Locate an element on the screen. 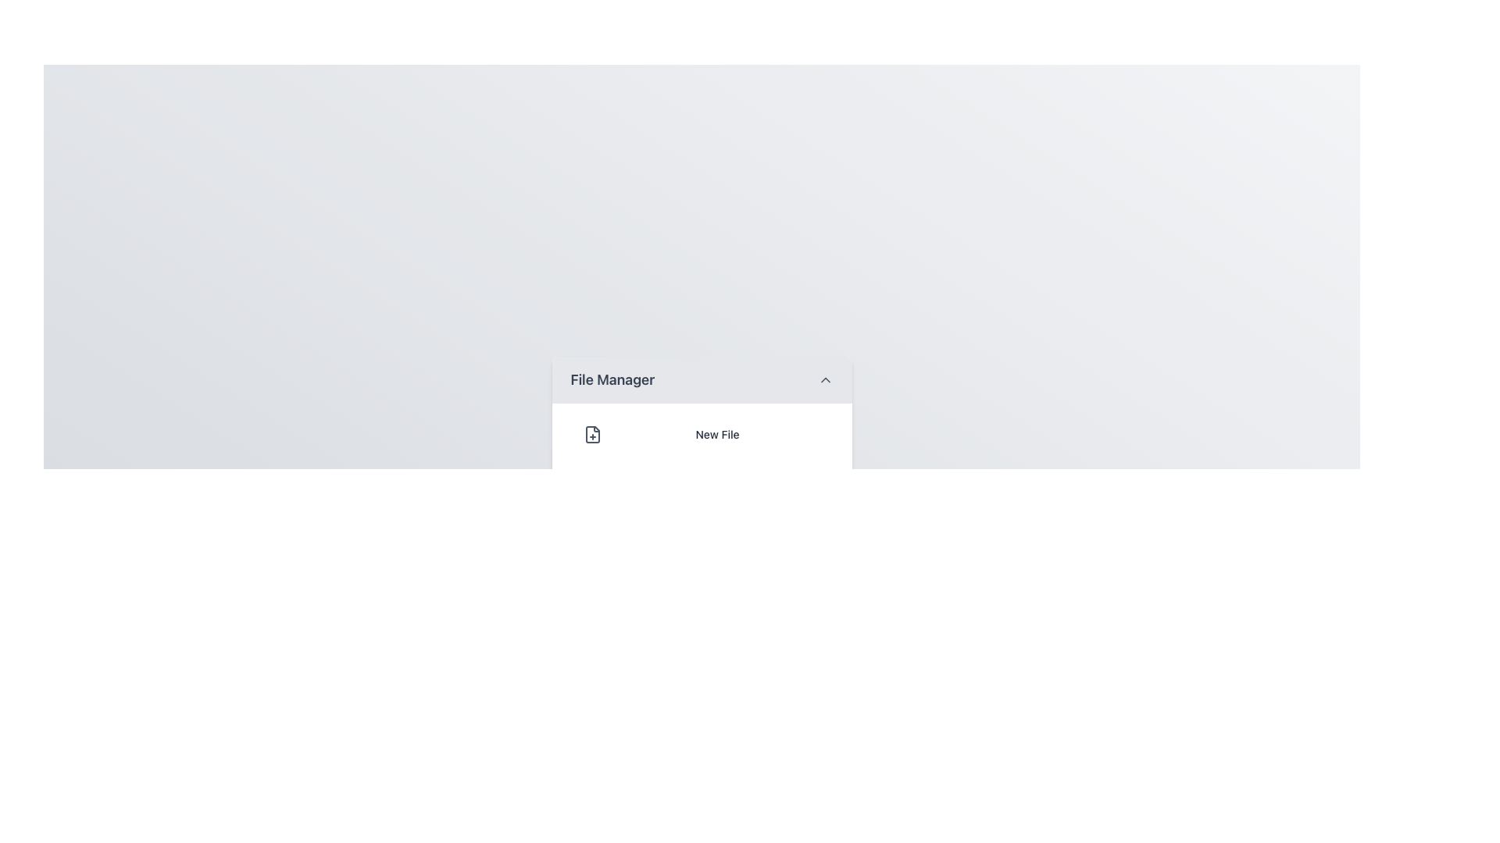 Image resolution: width=1500 pixels, height=843 pixels. the first interactive list item labeled 'New File' in the 'File Manager' section to possibly reveal additional information is located at coordinates (701, 434).